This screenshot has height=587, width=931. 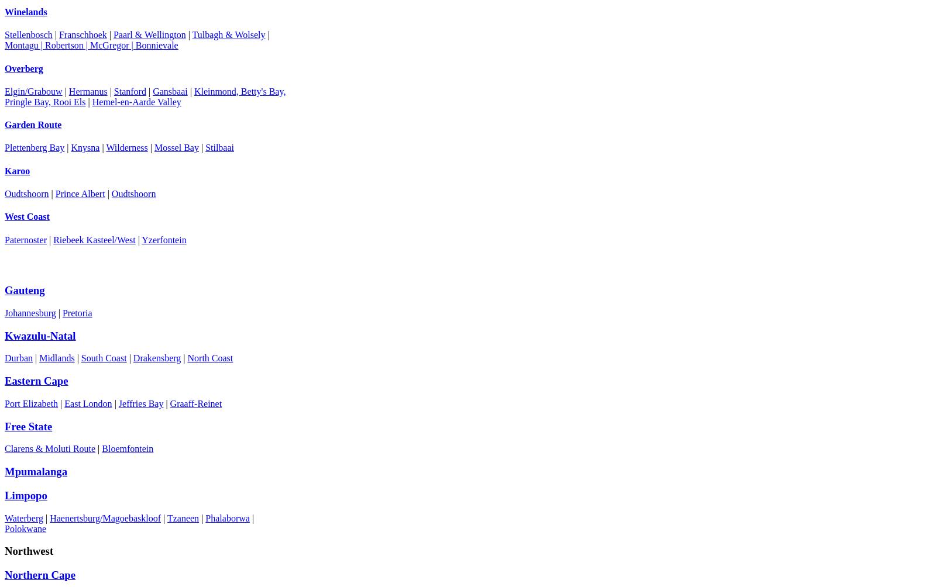 What do you see at coordinates (50, 448) in the screenshot?
I see `'Clarens & Moluti Route'` at bounding box center [50, 448].